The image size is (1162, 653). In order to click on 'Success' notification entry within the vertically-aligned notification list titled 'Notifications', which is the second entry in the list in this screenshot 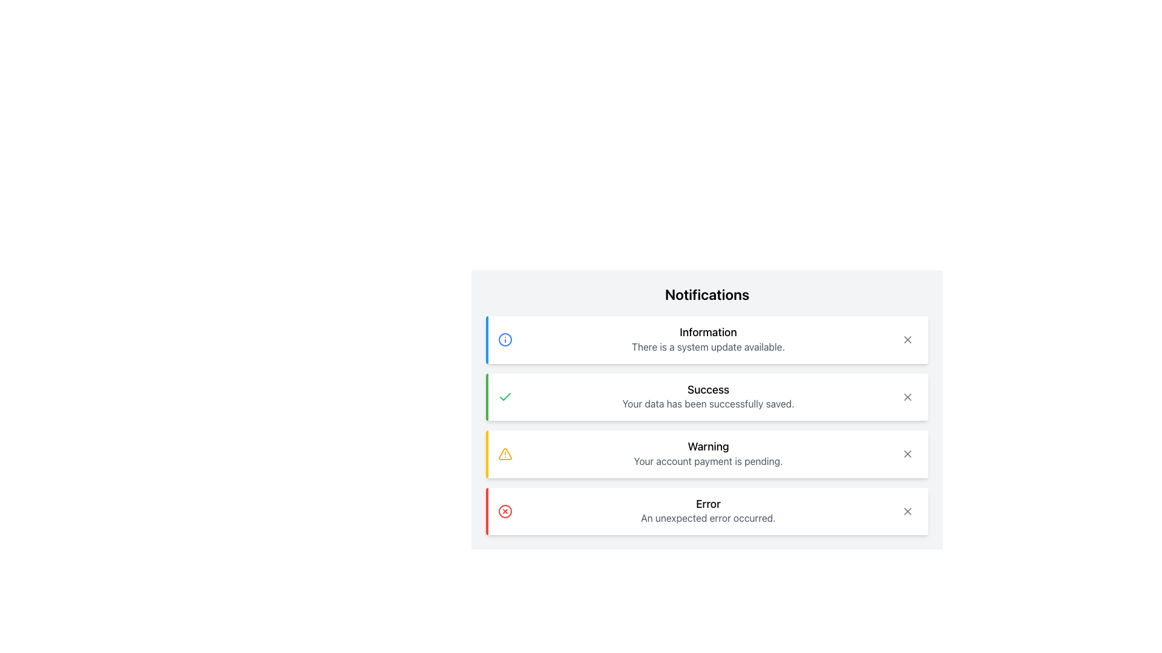, I will do `click(707, 409)`.